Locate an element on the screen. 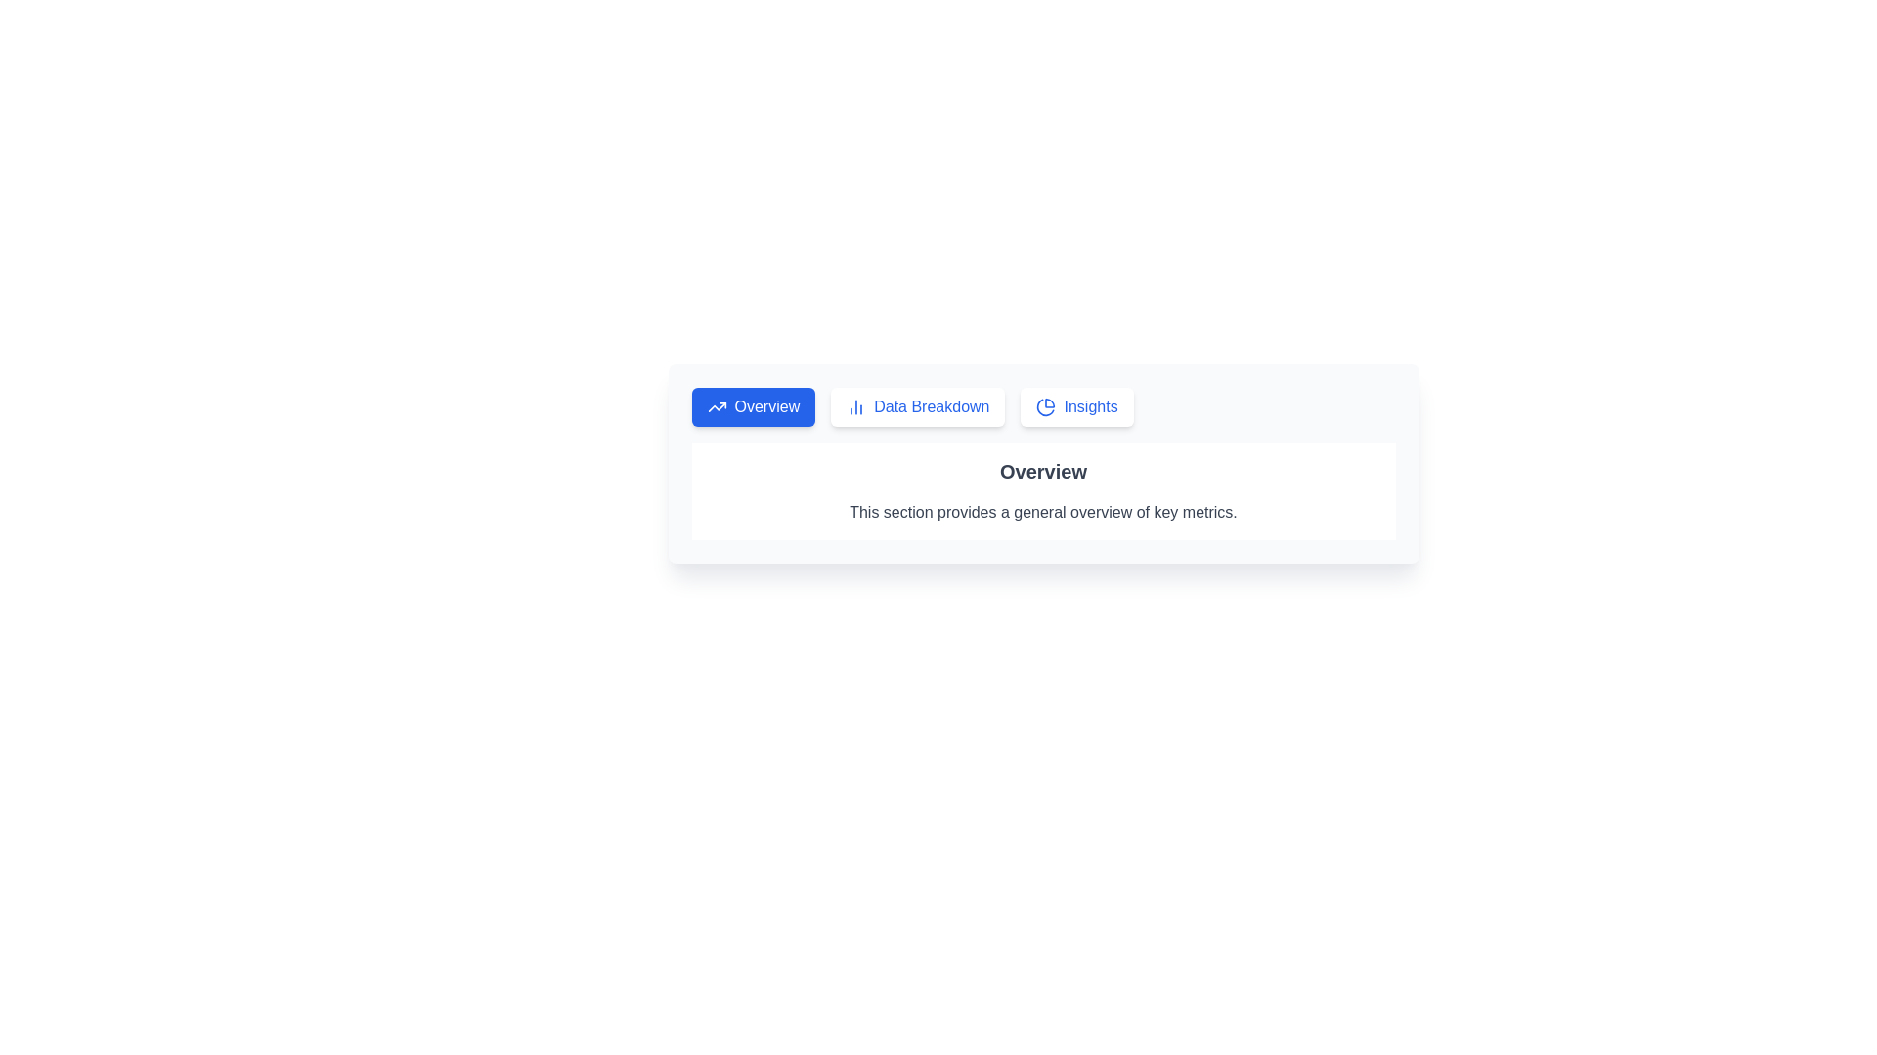 The image size is (1877, 1055). the text content to select it is located at coordinates (1042, 489).